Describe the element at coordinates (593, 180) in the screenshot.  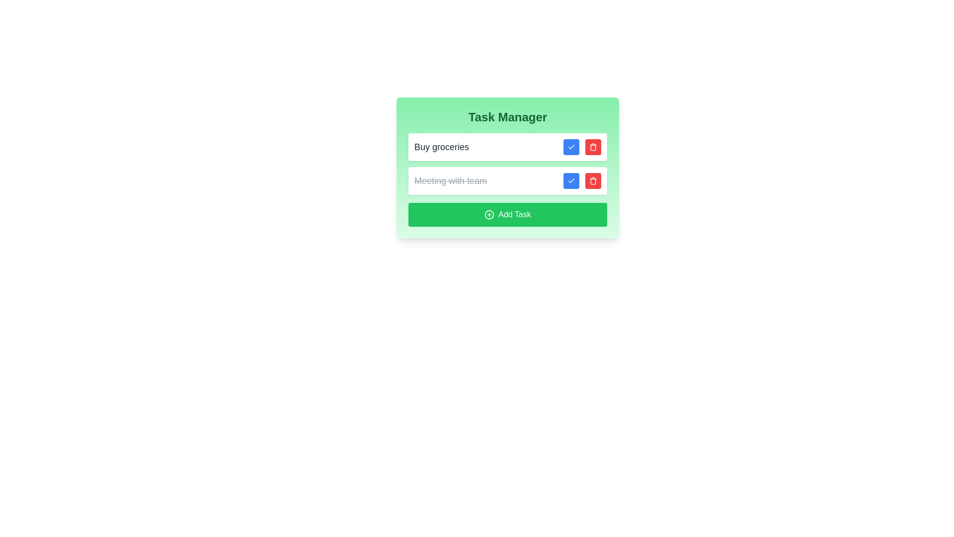
I see `the delete icon within the red button associated with the second task in the task list` at that location.